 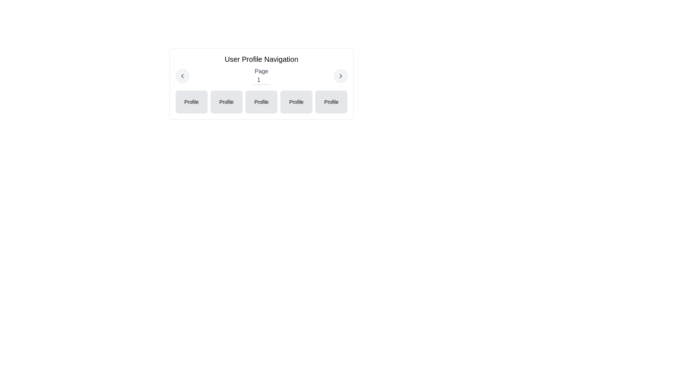 What do you see at coordinates (296, 102) in the screenshot?
I see `the fourth button in the User Profile Navigation section, which is part of a horizontally aligned grid of five buttons` at bounding box center [296, 102].